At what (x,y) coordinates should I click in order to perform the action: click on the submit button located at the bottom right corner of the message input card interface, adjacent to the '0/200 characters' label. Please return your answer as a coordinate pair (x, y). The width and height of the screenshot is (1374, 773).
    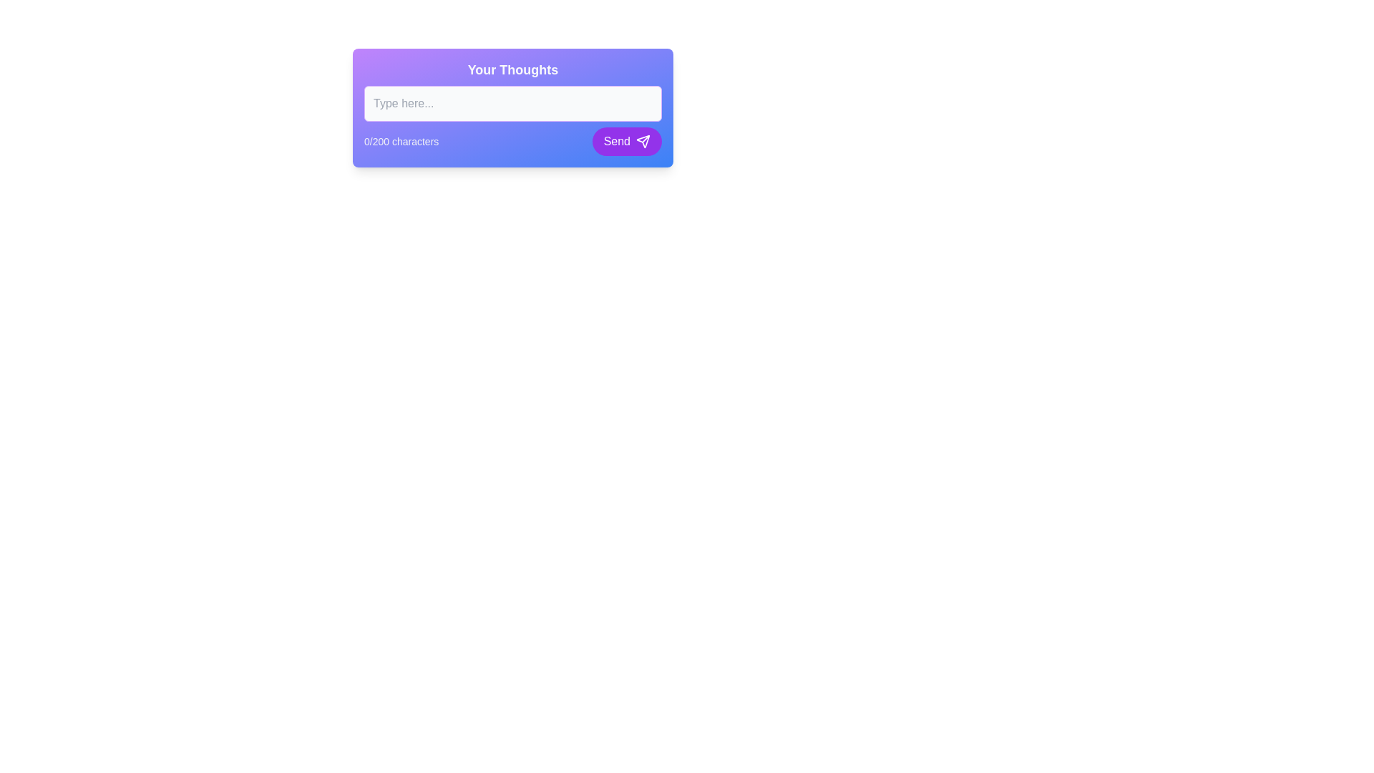
    Looking at the image, I should click on (627, 141).